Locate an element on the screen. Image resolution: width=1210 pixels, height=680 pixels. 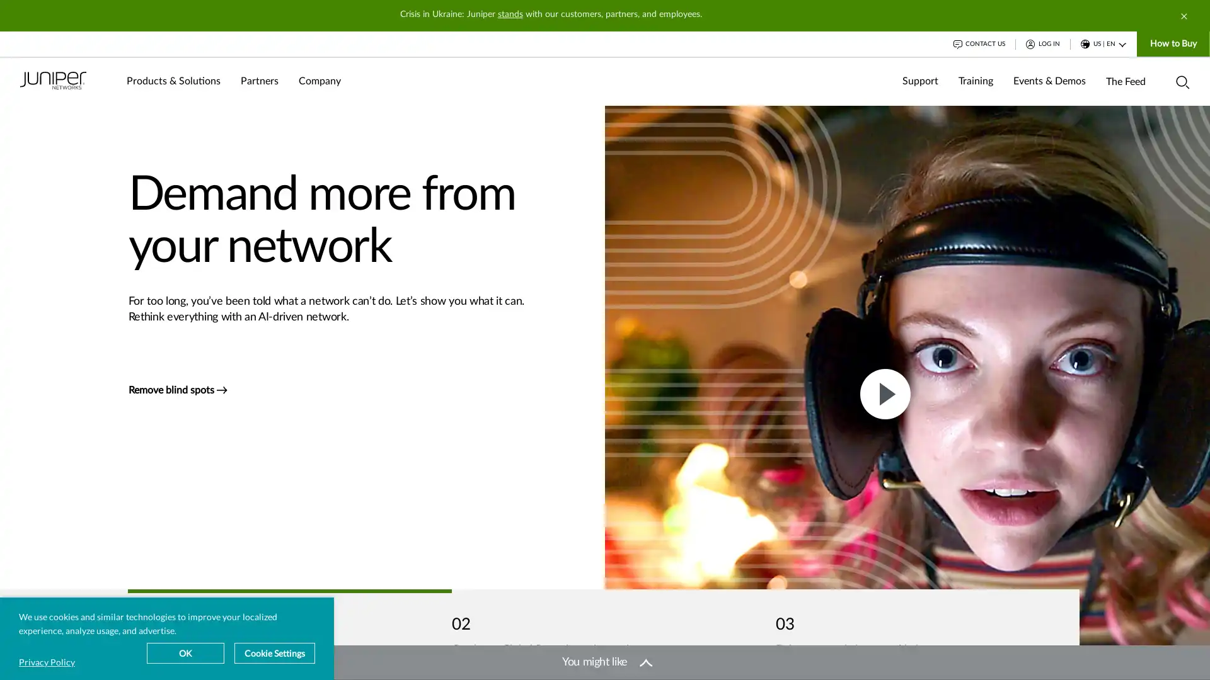
LOG IN is located at coordinates (1043, 43).